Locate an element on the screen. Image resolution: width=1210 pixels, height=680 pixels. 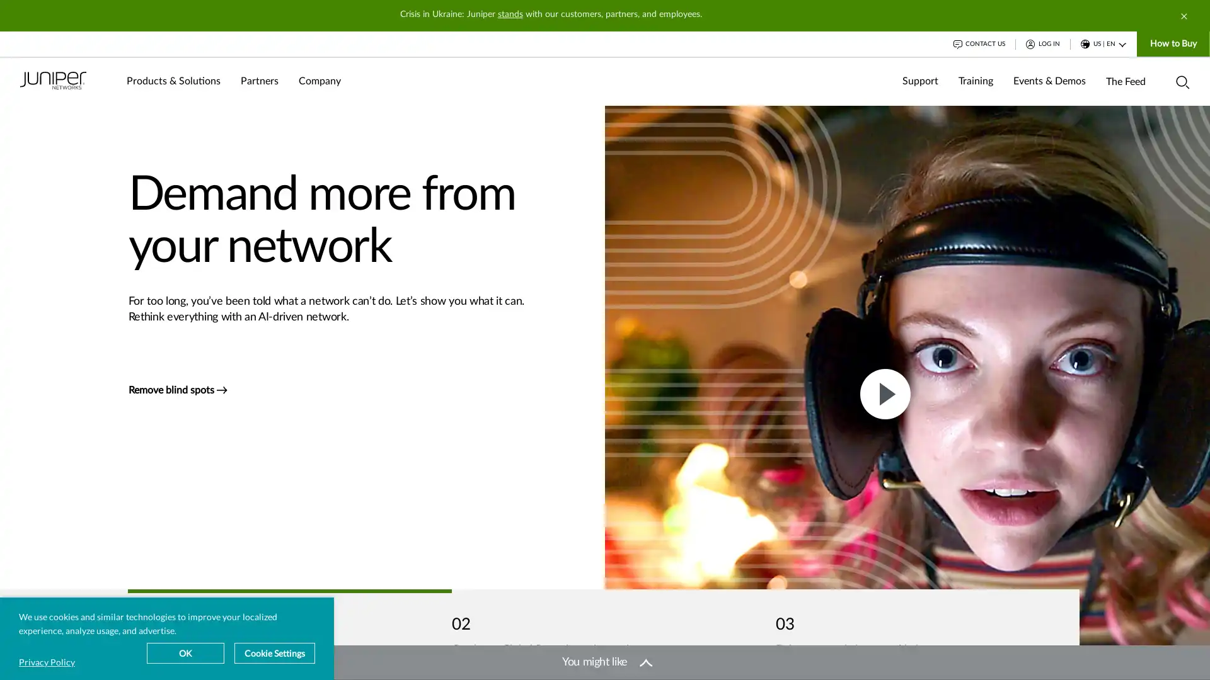
LOG IN is located at coordinates (1043, 43).